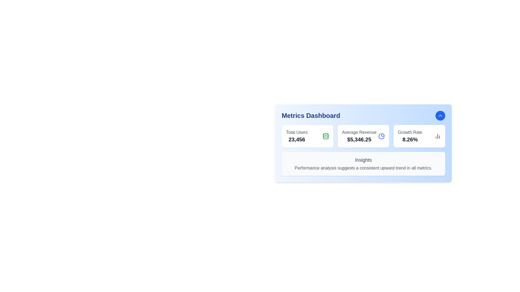 This screenshot has height=292, width=520. Describe the element at coordinates (325, 136) in the screenshot. I see `the horizontal line segment element at the bottom of the database icon, which is part of a circular shape, for interaction` at that location.